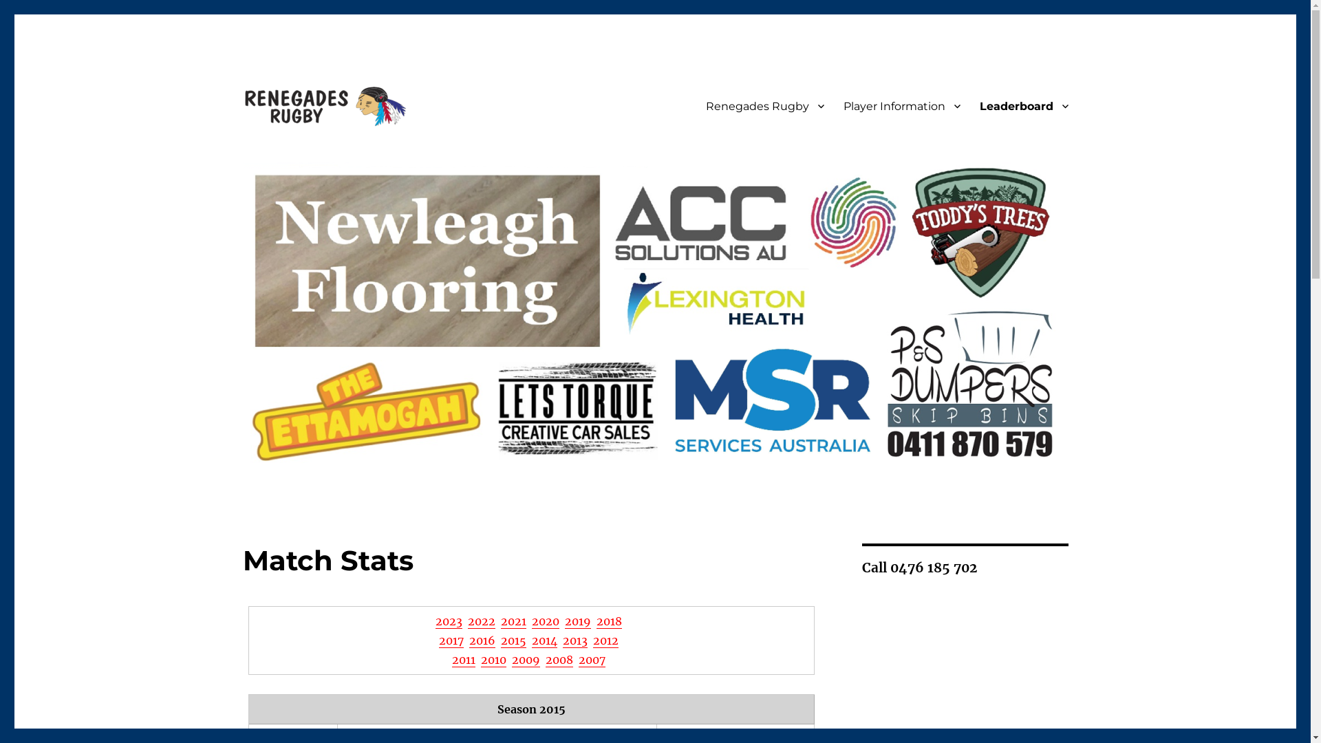 The width and height of the screenshot is (1321, 743). I want to click on 'Leaderboard', so click(1024, 105).